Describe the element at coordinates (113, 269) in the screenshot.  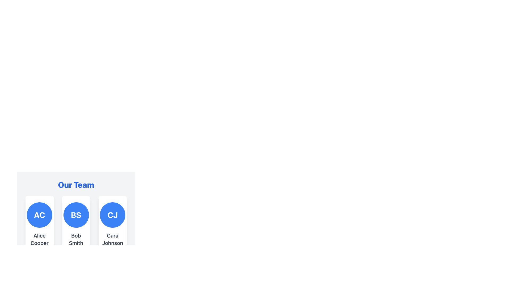
I see `the phone number display element that shows '(555) 789-0123', which is centrally aligned in the contact section of the interface` at that location.